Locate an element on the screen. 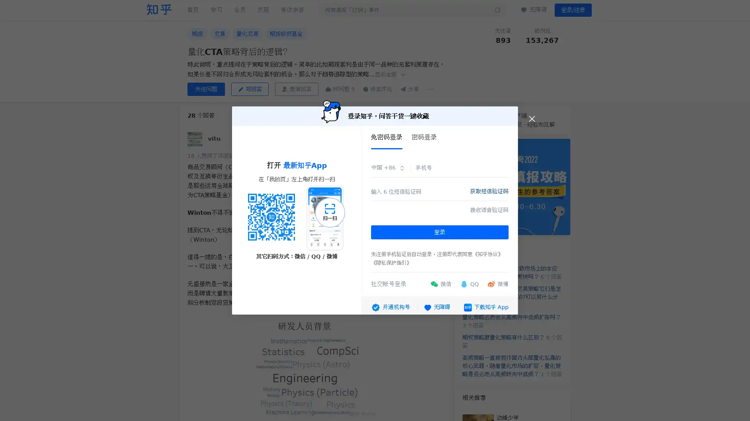 The height and width of the screenshot is (421, 750). 9 is located at coordinates (339, 88).